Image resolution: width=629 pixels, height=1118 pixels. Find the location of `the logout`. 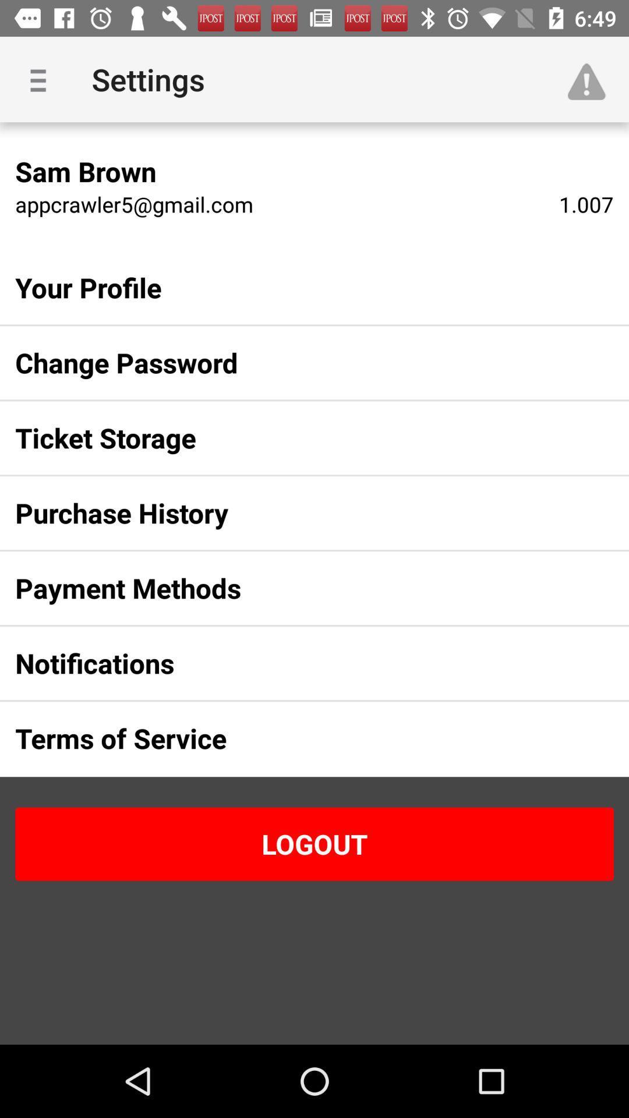

the logout is located at coordinates (314, 844).